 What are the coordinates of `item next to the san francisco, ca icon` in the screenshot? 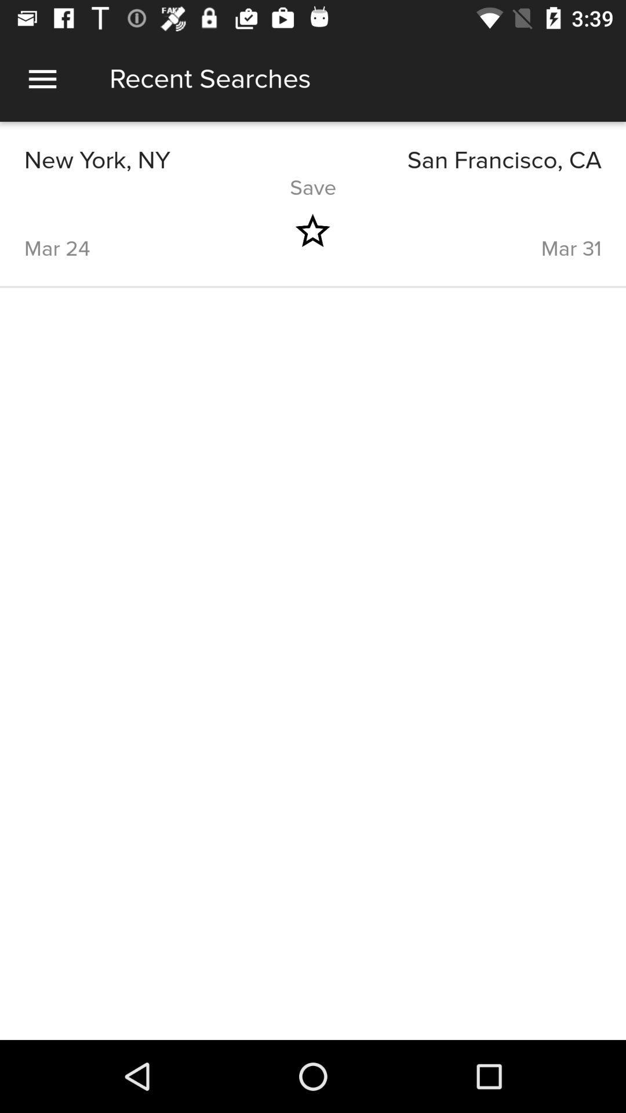 It's located at (168, 160).